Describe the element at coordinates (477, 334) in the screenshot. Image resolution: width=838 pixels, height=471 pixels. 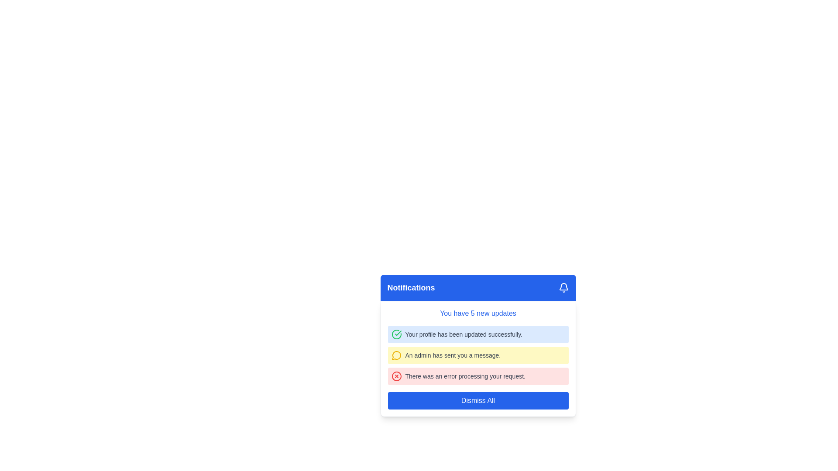
I see `the first notification in the notification panel that indicates a successful profile update, which has a light blue background and a green check icon` at that location.